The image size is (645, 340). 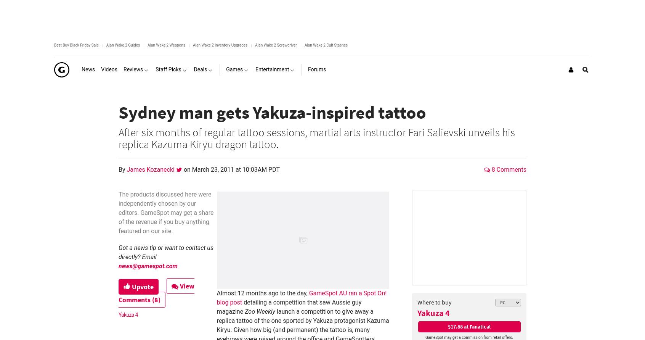 I want to click on 'Best Buy Black Friday Sale', so click(x=54, y=45).